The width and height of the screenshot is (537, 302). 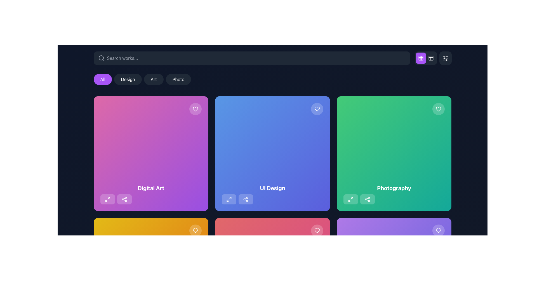 I want to click on the share button located at the bottom right corner of the 'UI Design' card, which is the second button in a horizontal pair next to an outward arrow icon, to share content, so click(x=246, y=199).